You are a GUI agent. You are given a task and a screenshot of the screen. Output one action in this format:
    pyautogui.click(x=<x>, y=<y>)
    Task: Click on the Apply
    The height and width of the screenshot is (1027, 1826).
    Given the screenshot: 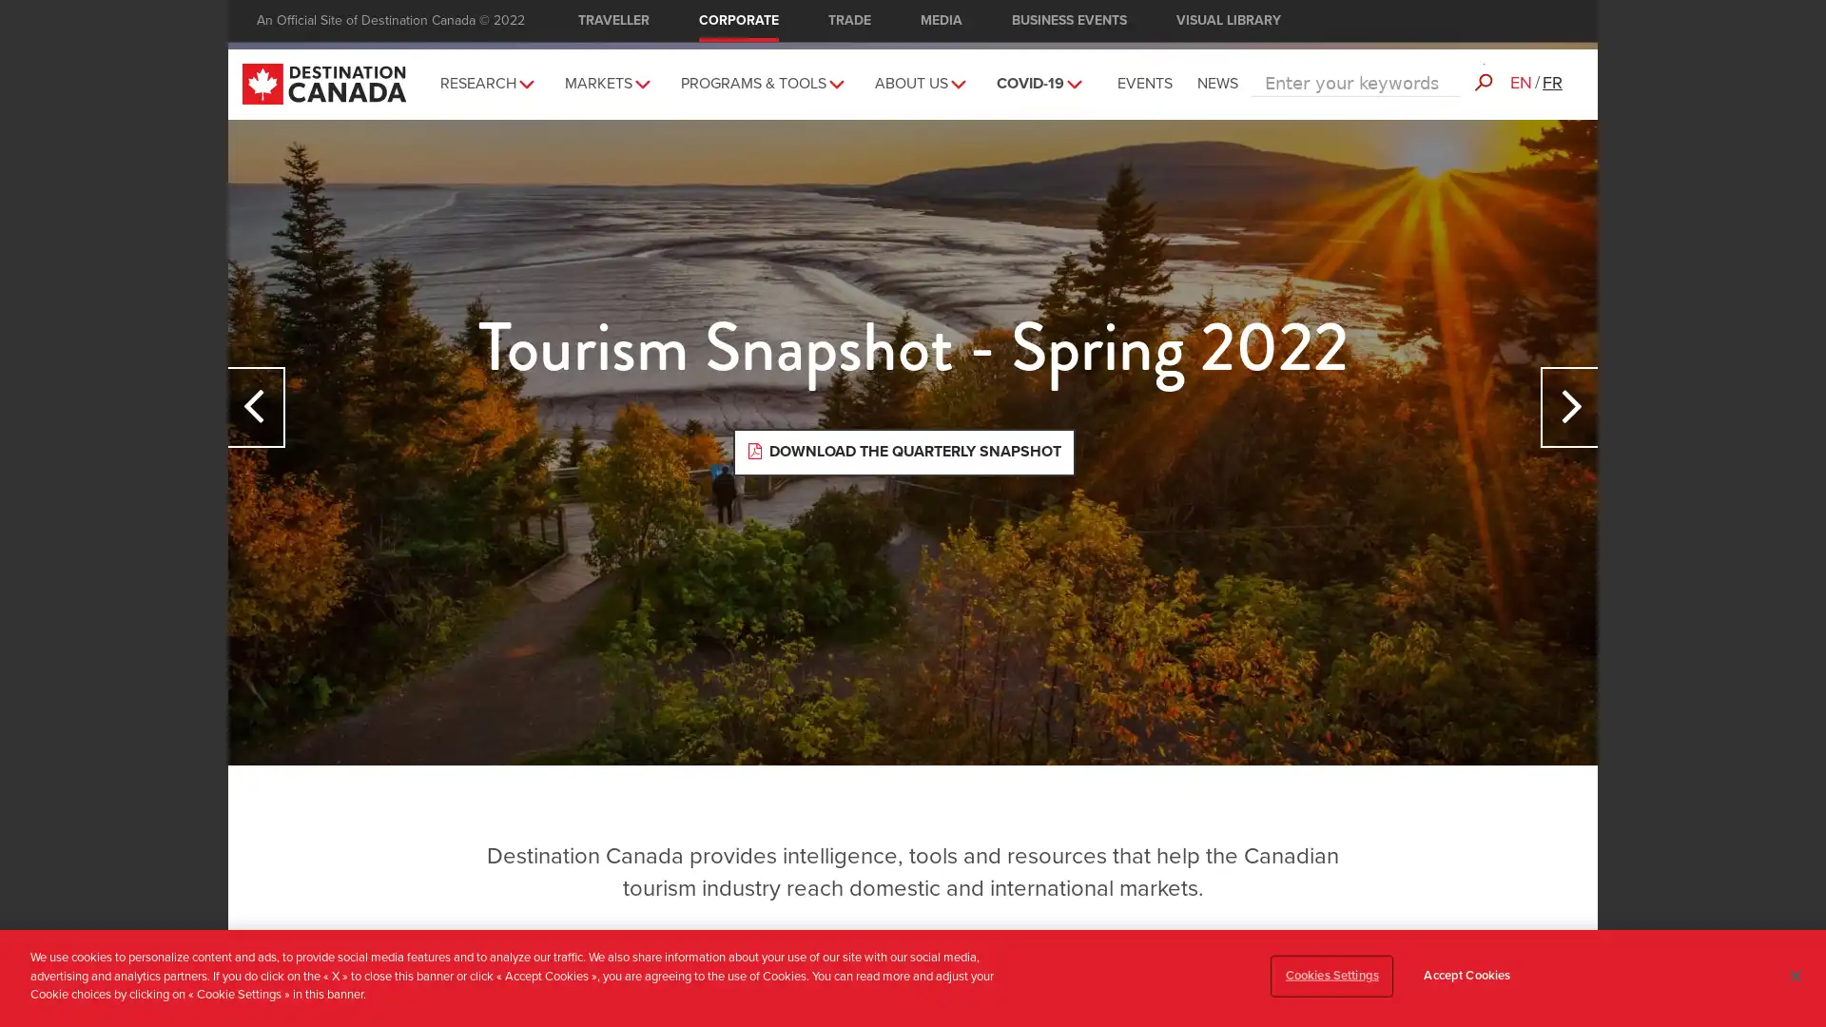 What is the action you would take?
    pyautogui.click(x=1482, y=68)
    